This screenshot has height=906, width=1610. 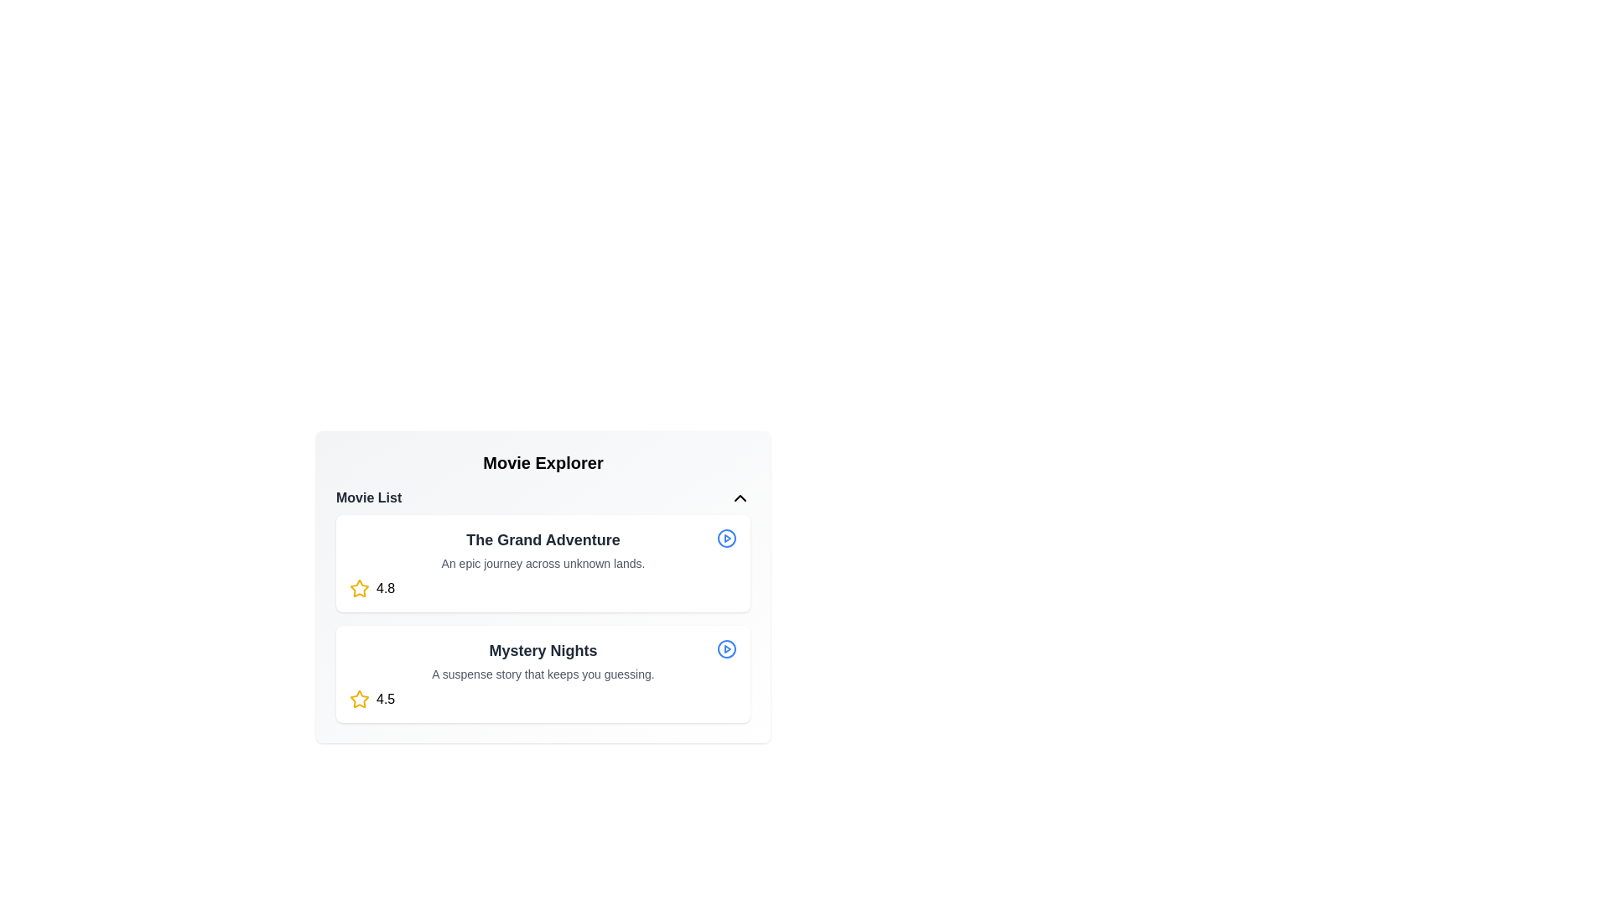 I want to click on the description of the movie titled Mystery Nights, so click(x=543, y=673).